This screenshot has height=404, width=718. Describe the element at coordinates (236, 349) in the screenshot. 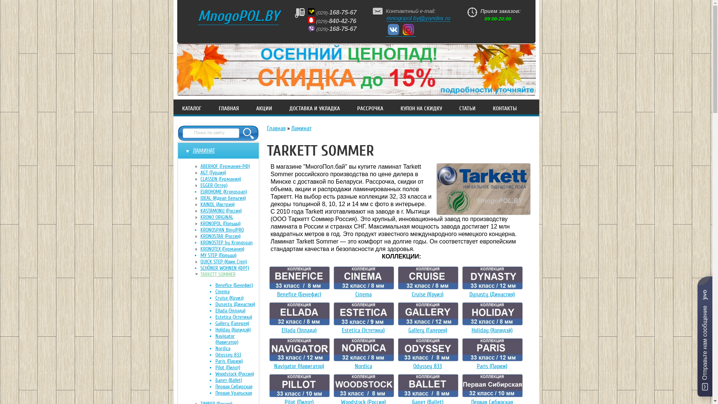

I see `'Nordica'` at that location.